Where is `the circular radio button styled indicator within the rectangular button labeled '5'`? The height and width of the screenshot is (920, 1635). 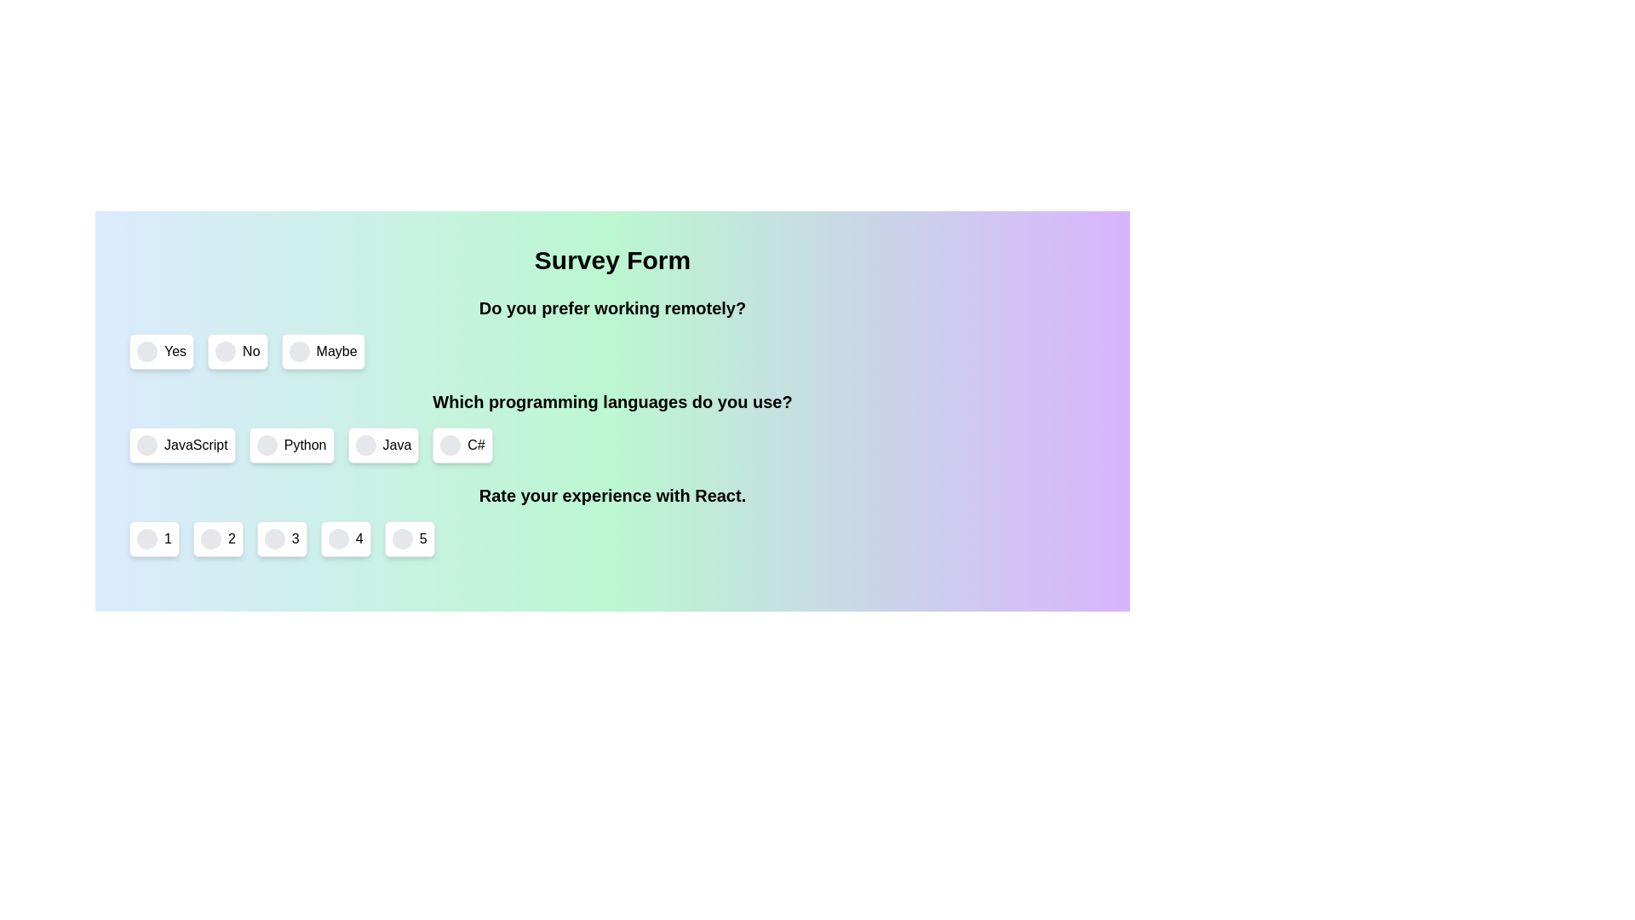 the circular radio button styled indicator within the rectangular button labeled '5' is located at coordinates (401, 538).